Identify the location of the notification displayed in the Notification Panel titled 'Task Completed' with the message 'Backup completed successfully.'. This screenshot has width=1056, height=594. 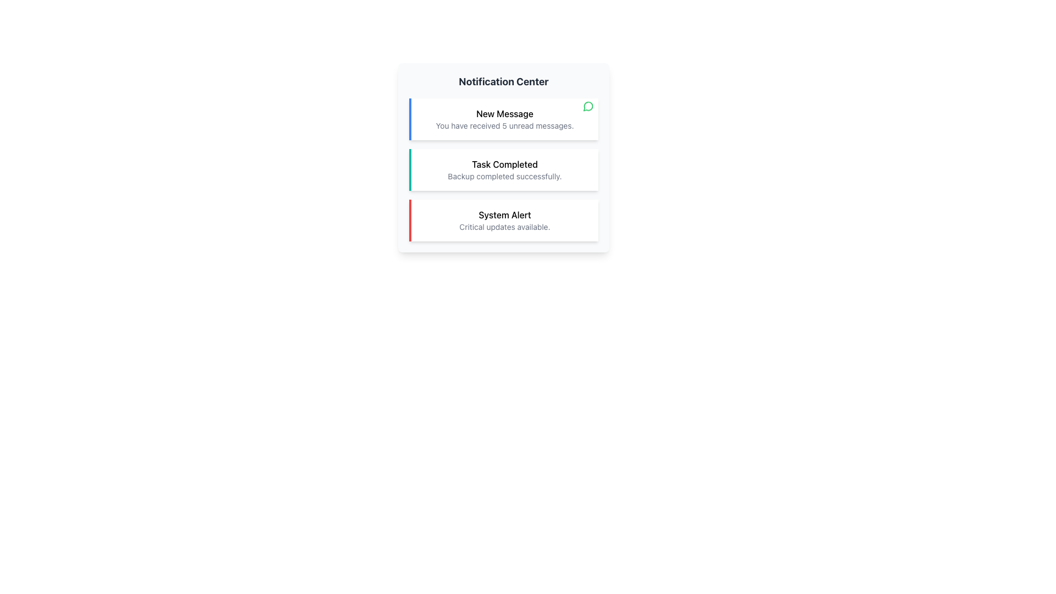
(503, 157).